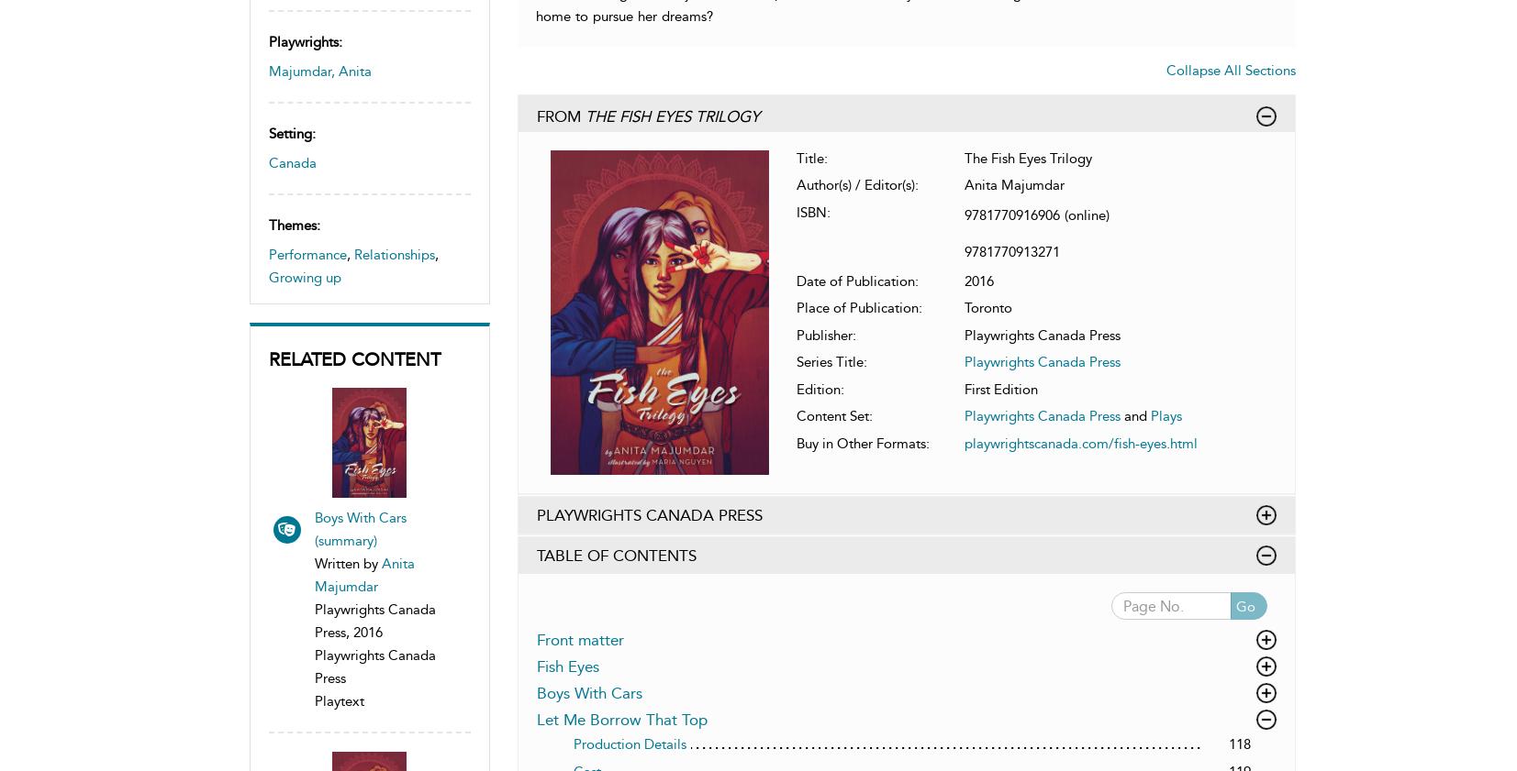 This screenshot has height=771, width=1517. I want to click on 'Growing up', so click(266, 277).